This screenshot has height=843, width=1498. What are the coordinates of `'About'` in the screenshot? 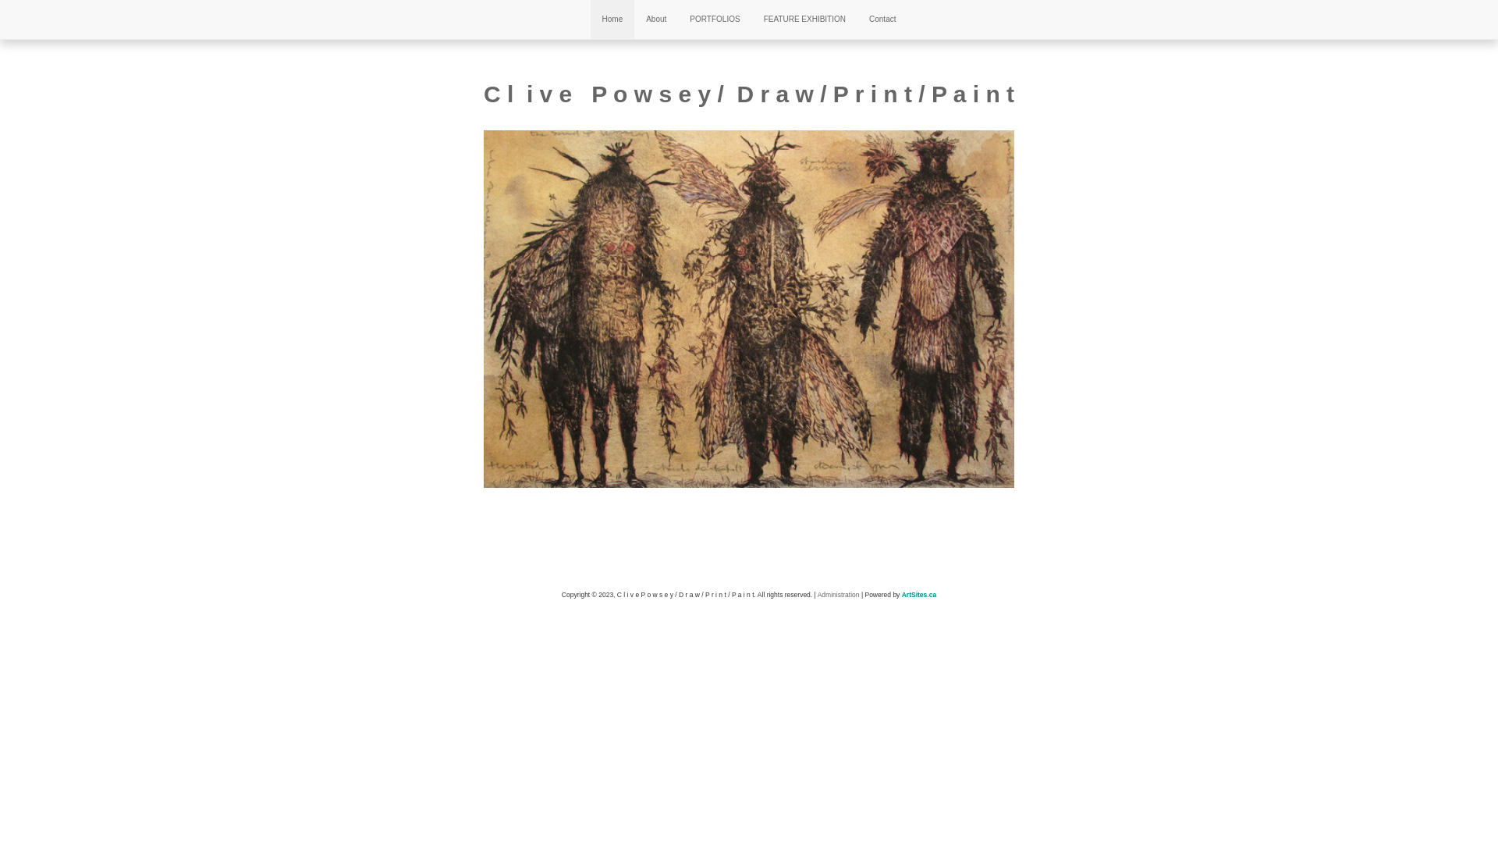 It's located at (655, 19).